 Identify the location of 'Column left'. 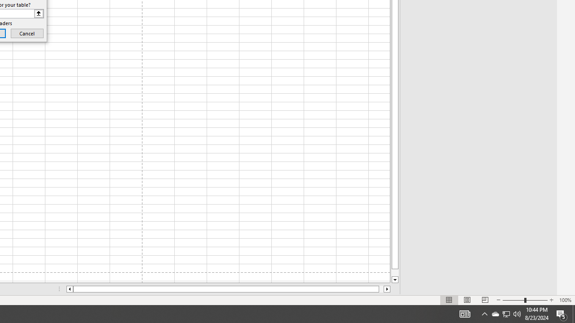
(69, 289).